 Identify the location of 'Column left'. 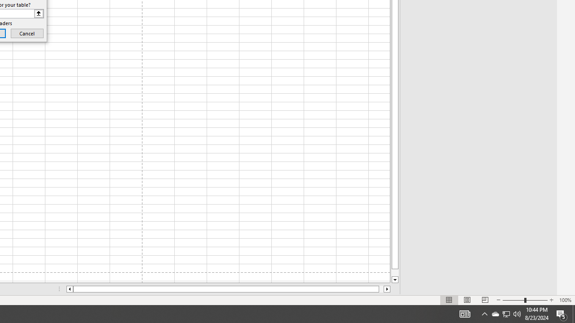
(69, 289).